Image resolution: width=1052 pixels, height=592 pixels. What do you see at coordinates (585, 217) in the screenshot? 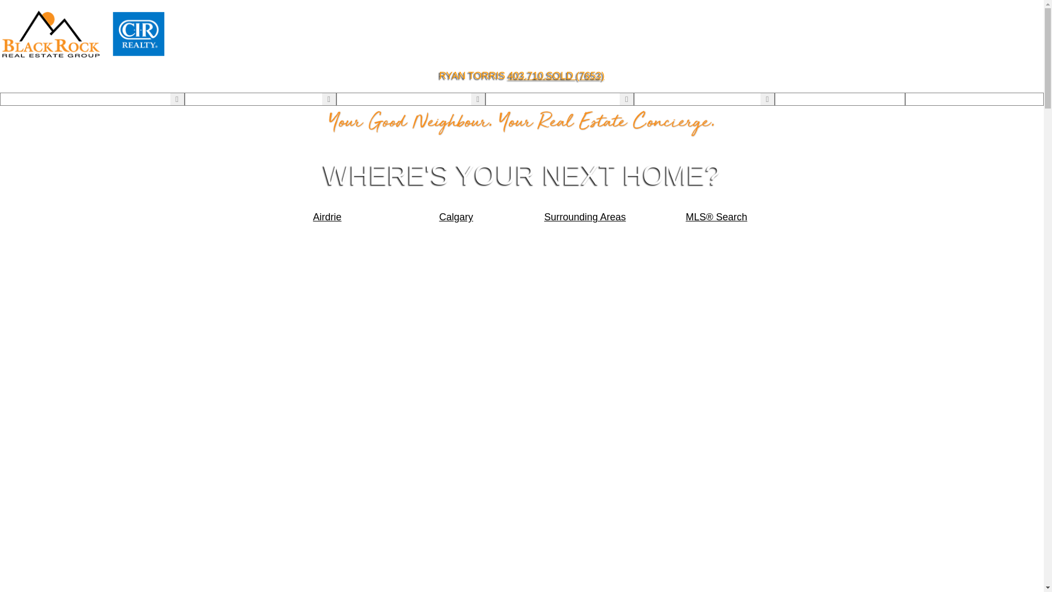
I see `'Surrounding Areas'` at bounding box center [585, 217].